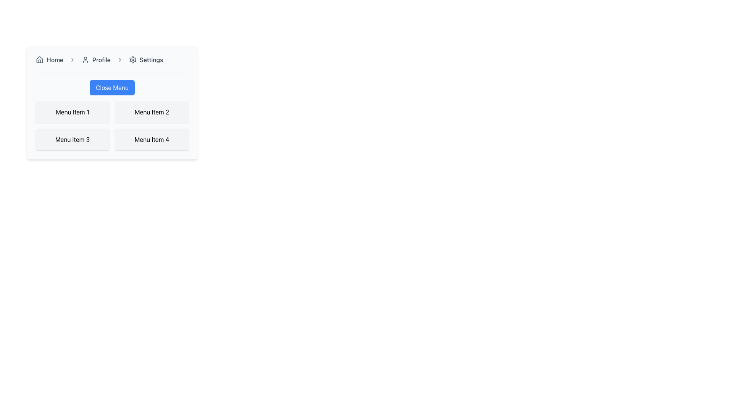  Describe the element at coordinates (39, 60) in the screenshot. I see `the house icon in the navigation bar` at that location.